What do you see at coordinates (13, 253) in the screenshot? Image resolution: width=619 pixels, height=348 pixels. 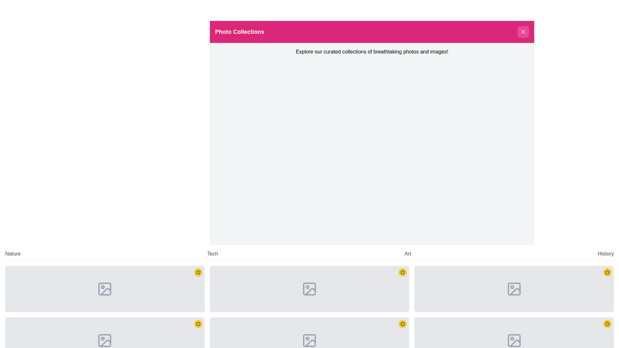 I see `the text link labeled 'Nature' in the top-left corner of the row of text links to trigger the underline effect` at bounding box center [13, 253].